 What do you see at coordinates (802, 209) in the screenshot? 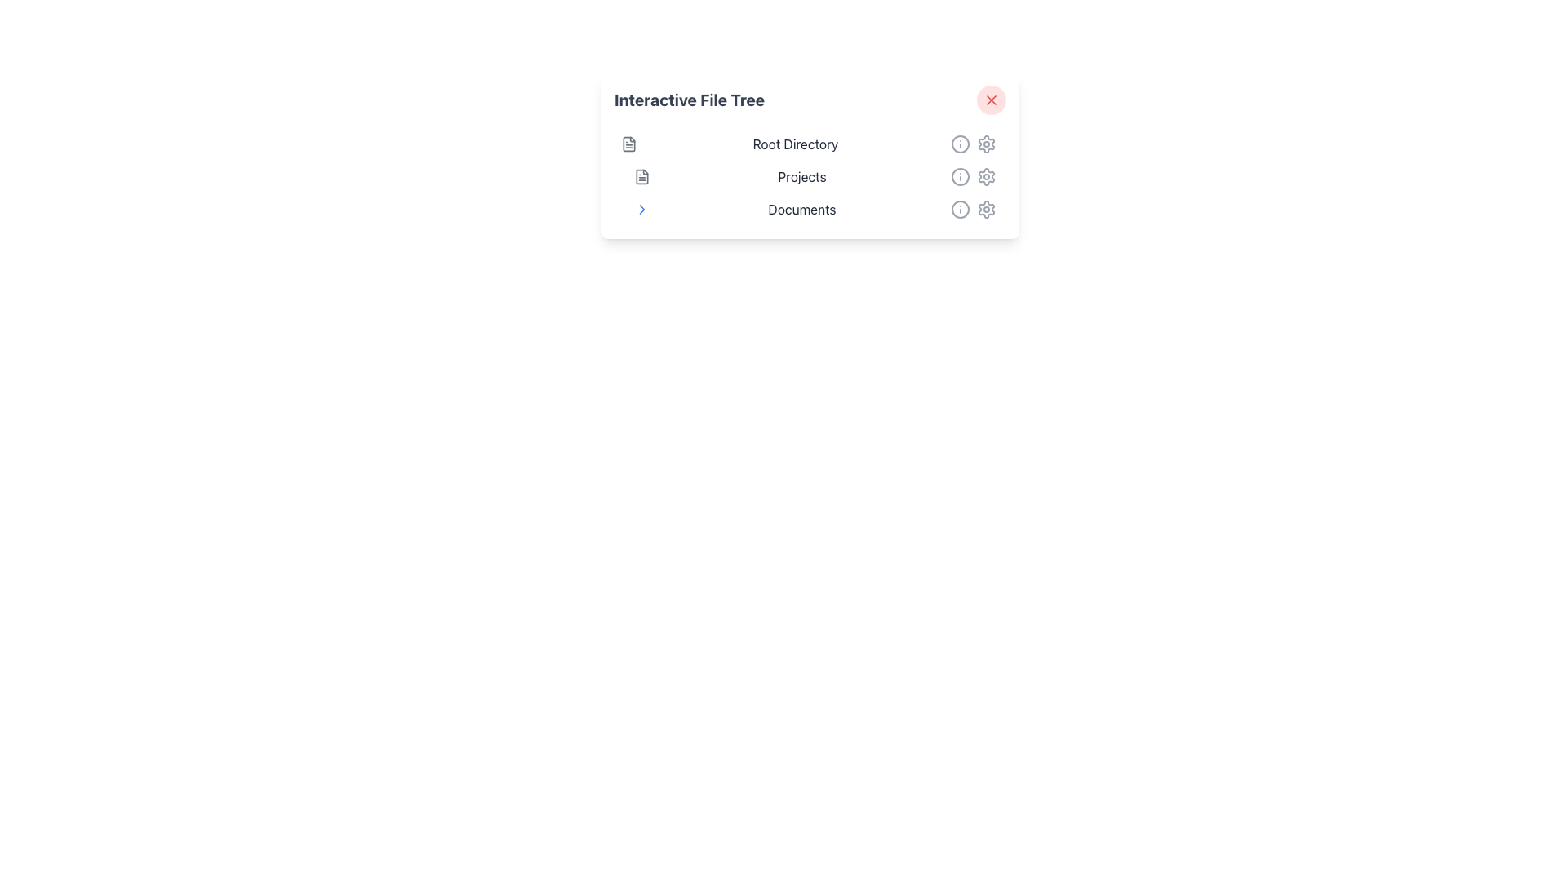
I see `the 'Documents' text label, which is the third entry in the file tree interface, positioned between a chevron icon on the left and an information icon and gear icon on the right` at bounding box center [802, 209].